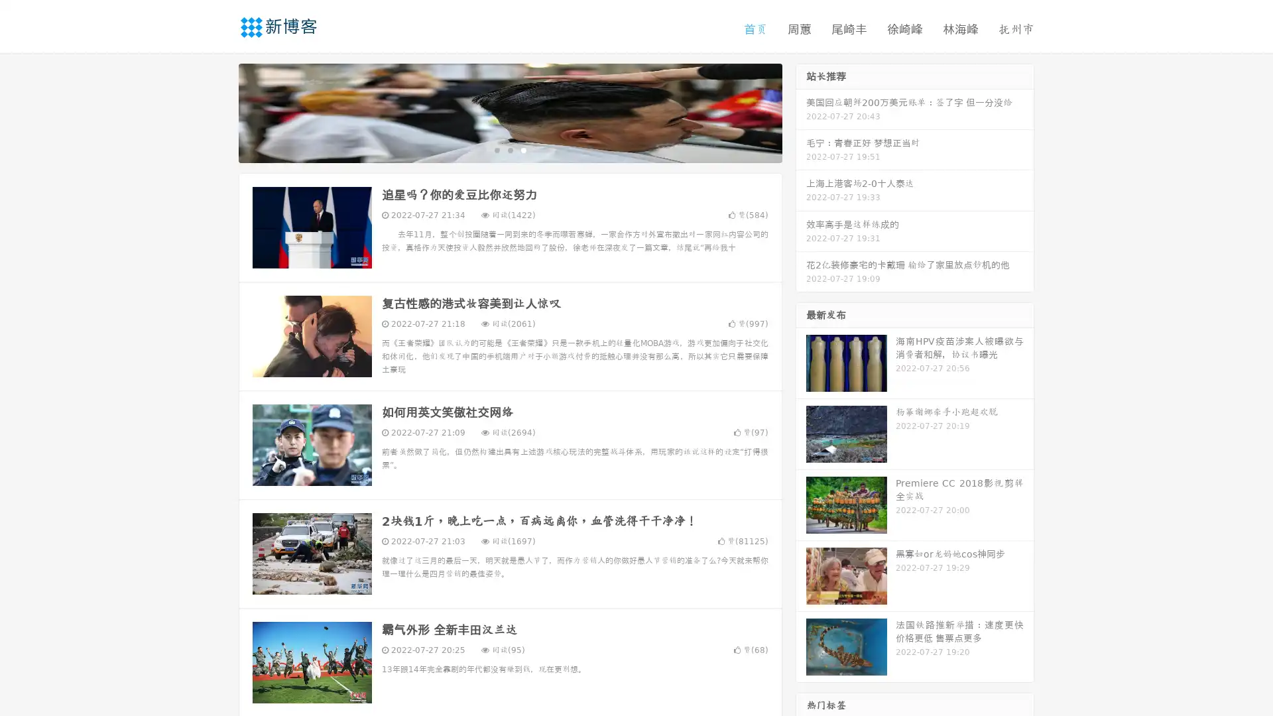 This screenshot has height=716, width=1273. I want to click on Go to slide 3, so click(523, 149).